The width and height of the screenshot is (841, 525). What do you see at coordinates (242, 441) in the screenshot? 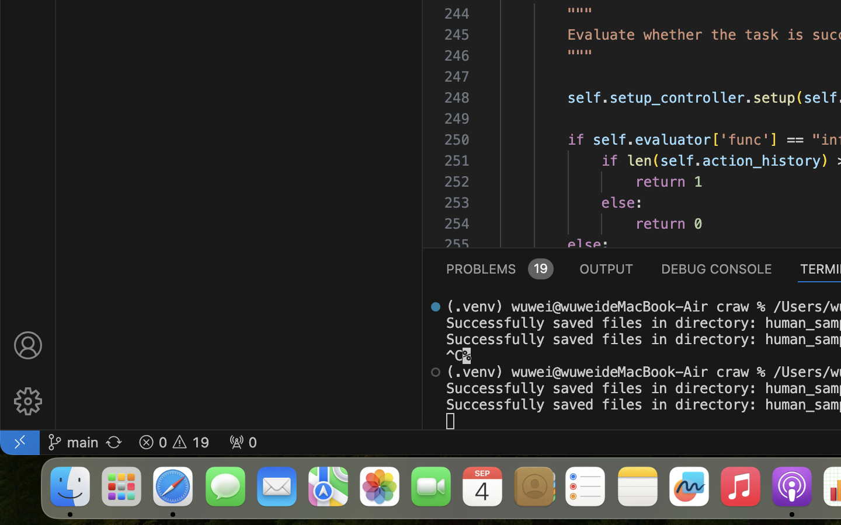
I see `' 0'` at bounding box center [242, 441].